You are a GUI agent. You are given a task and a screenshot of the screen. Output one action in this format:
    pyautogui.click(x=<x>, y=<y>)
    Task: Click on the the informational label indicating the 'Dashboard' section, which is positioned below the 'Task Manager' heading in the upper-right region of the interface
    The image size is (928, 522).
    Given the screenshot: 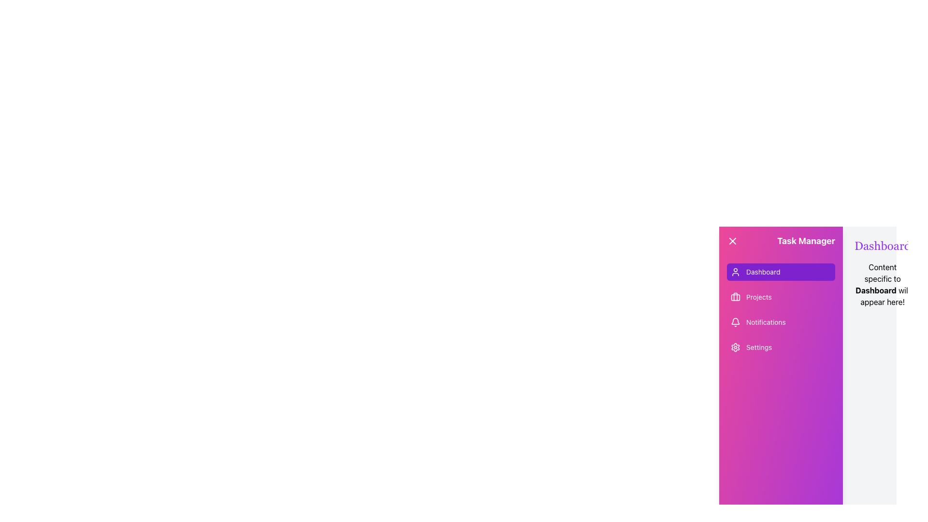 What is the action you would take?
    pyautogui.click(x=883, y=284)
    